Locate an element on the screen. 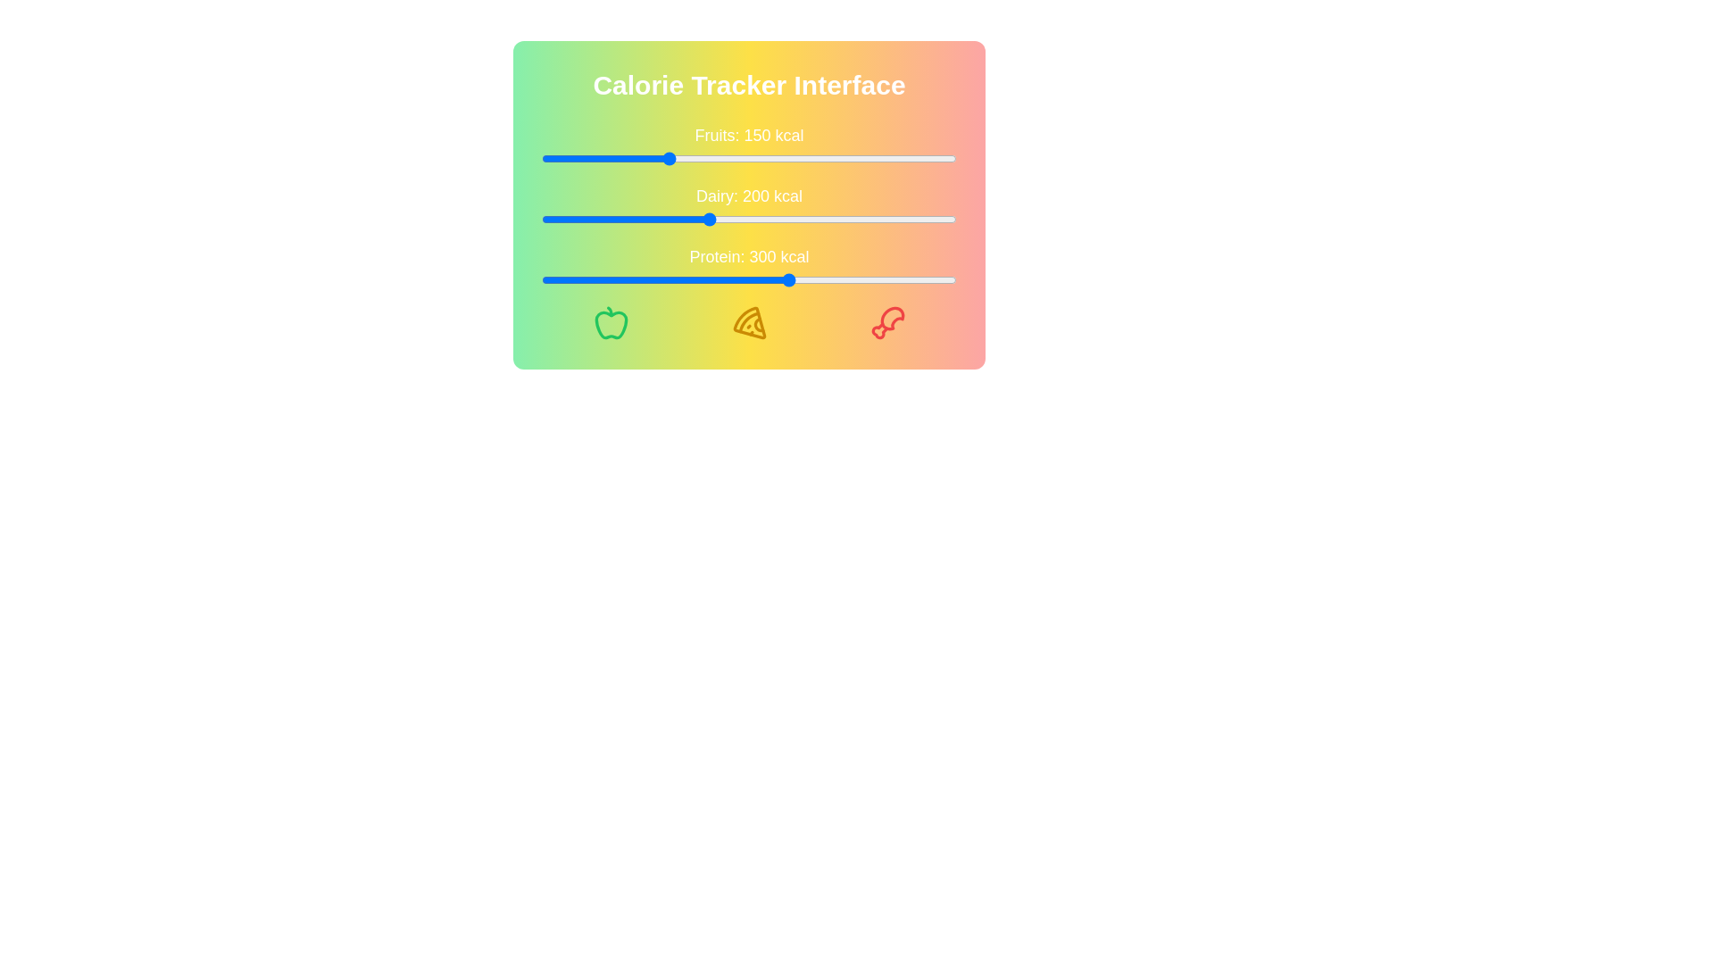 The image size is (1714, 964). the Drumstick icon to interact with it is located at coordinates (887, 323).